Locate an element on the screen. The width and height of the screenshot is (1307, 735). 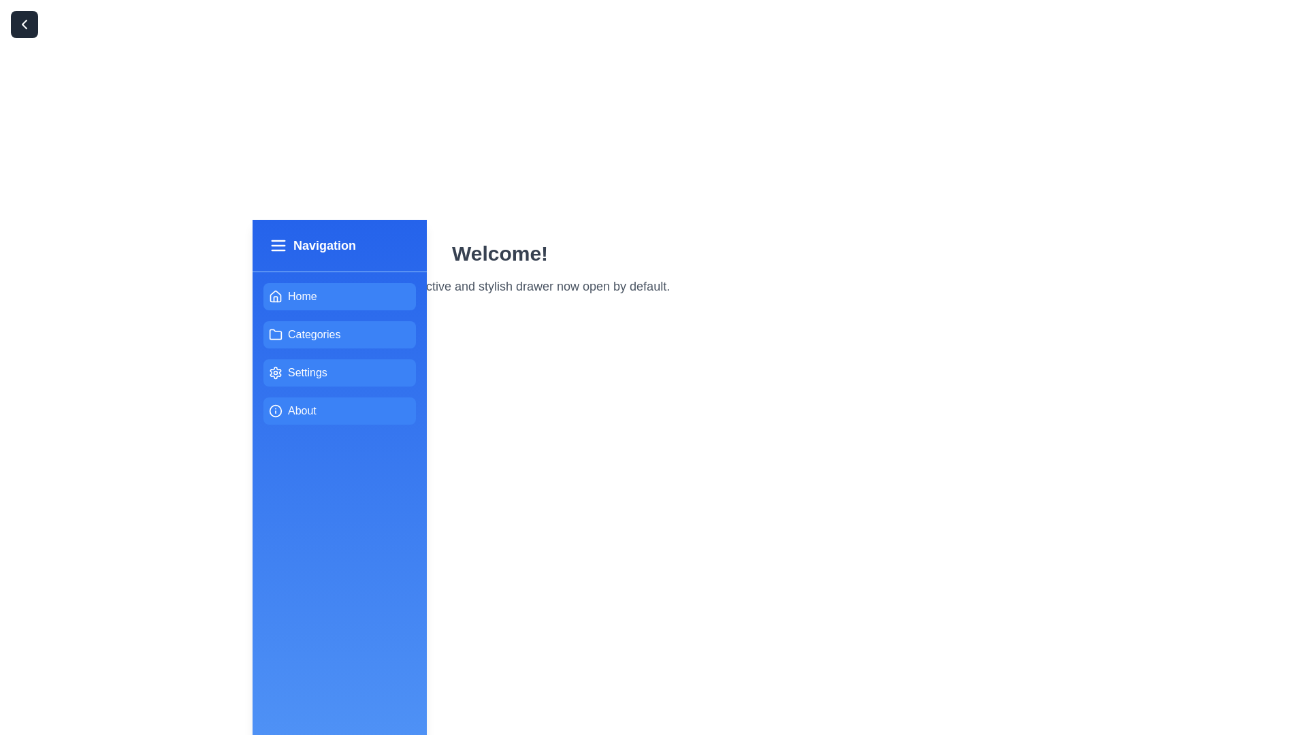
the folder icon associated with the 'Categories' menu item, located in the blue vertical navigation panel on the left side of the interface is located at coordinates (274, 335).